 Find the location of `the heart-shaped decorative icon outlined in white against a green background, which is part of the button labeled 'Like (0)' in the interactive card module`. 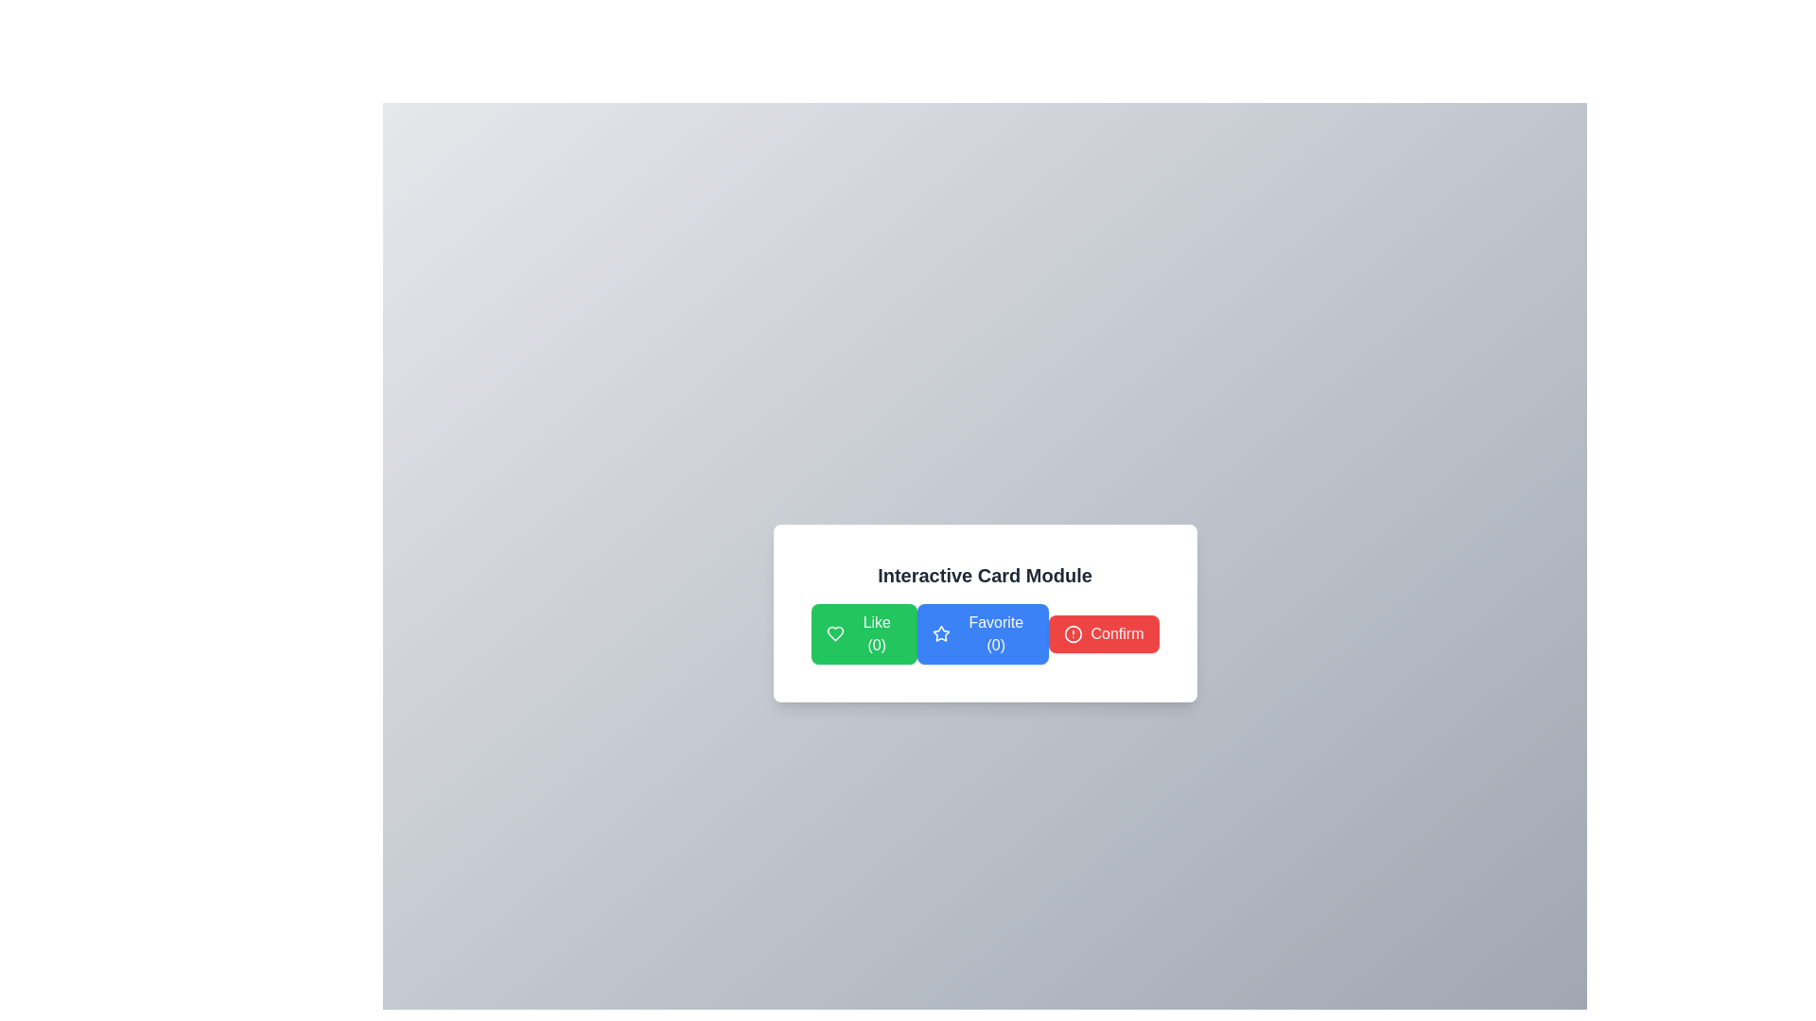

the heart-shaped decorative icon outlined in white against a green background, which is part of the button labeled 'Like (0)' in the interactive card module is located at coordinates (834, 634).